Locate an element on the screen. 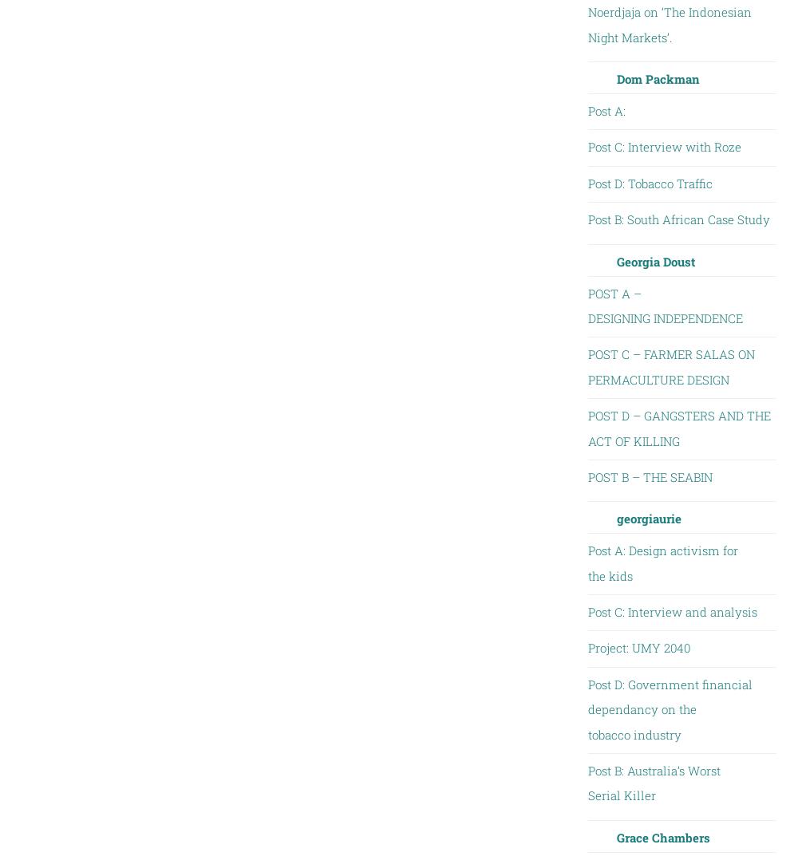 This screenshot has width=798, height=860. 'Project: UMY 2040' is located at coordinates (638, 647).